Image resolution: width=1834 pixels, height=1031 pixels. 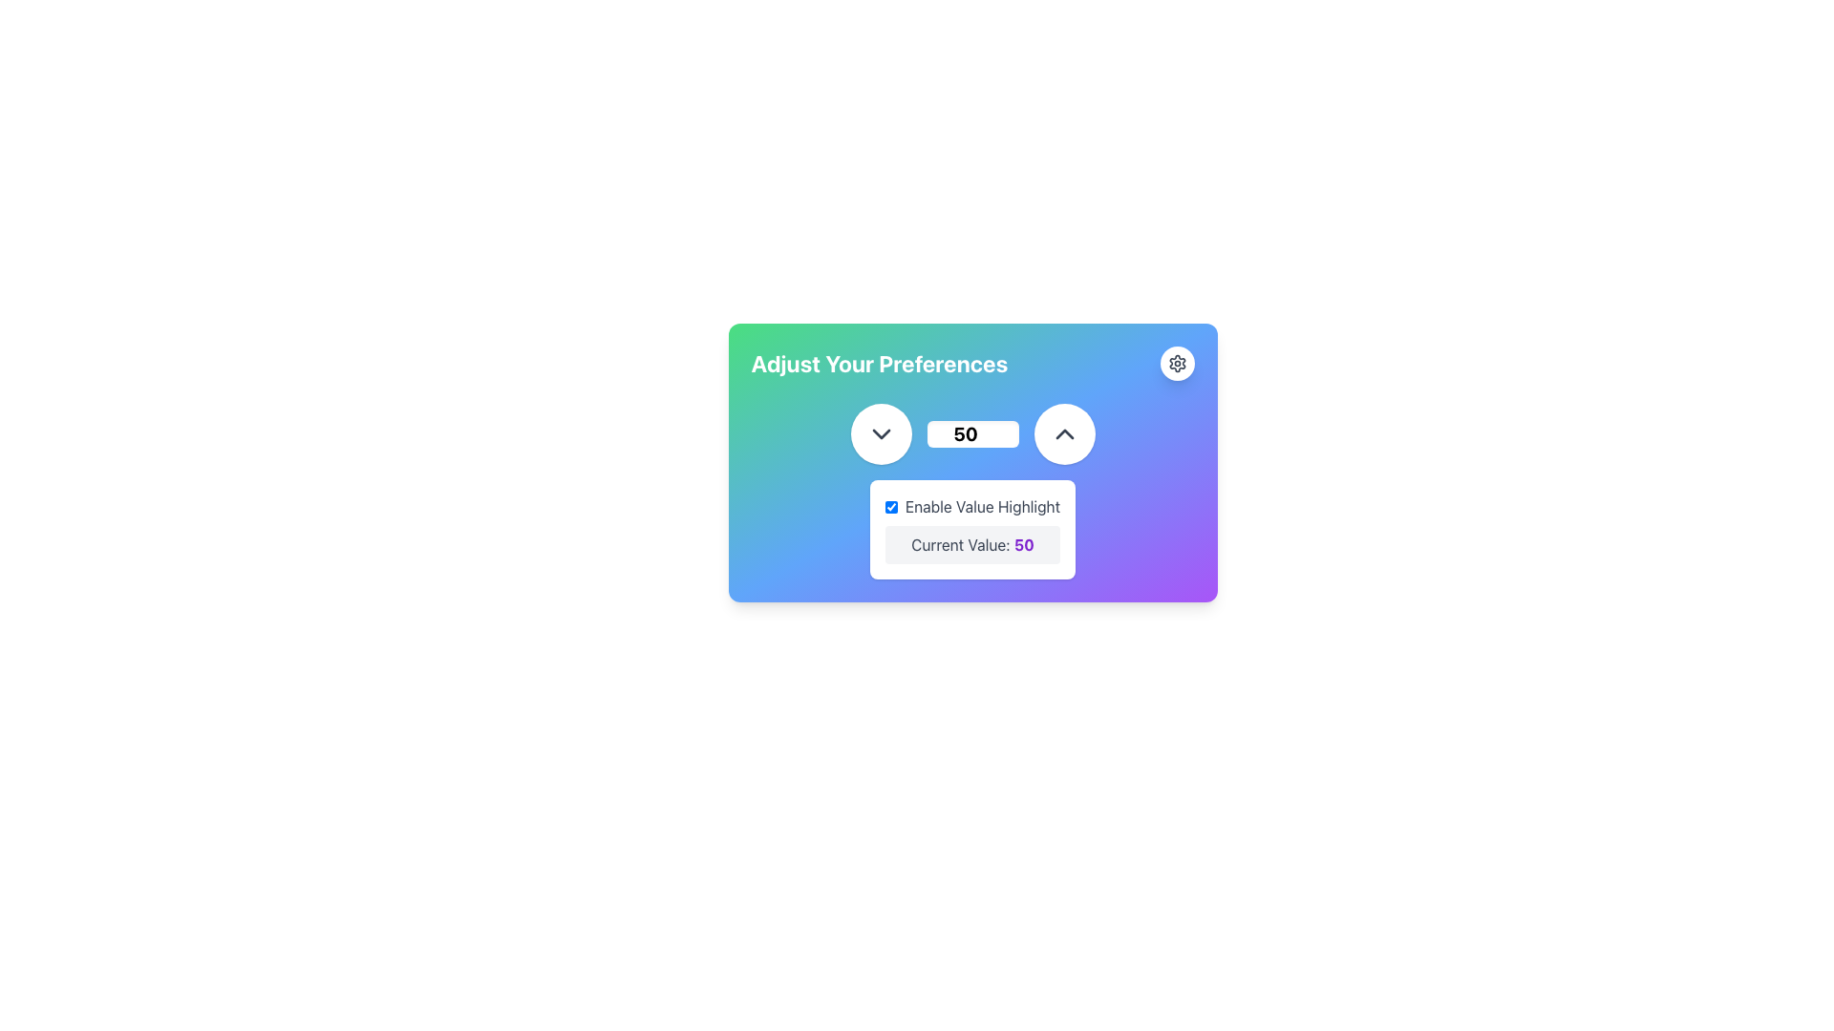 I want to click on the small, rounded purple checkbox located to the left of the 'Enable Value Highlight' label, so click(x=890, y=506).